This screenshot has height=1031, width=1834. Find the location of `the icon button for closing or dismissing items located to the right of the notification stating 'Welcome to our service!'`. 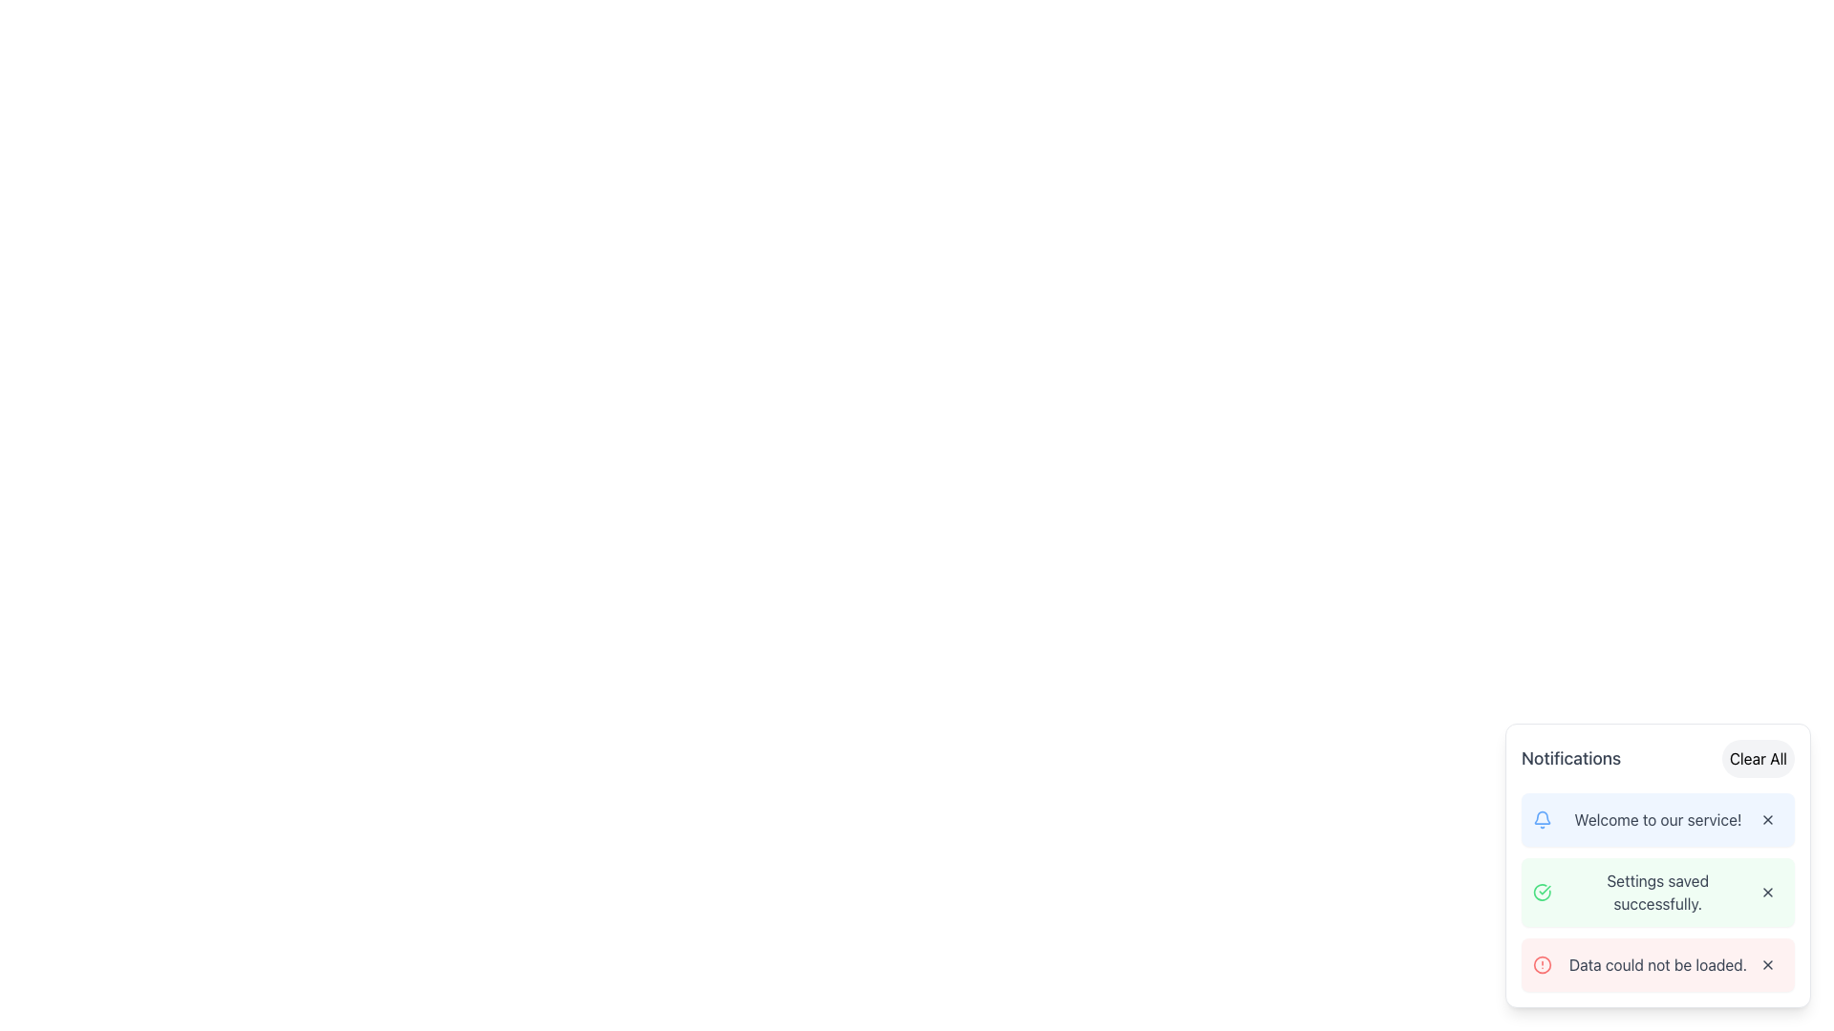

the icon button for closing or dismissing items located to the right of the notification stating 'Welcome to our service!' is located at coordinates (1767, 819).